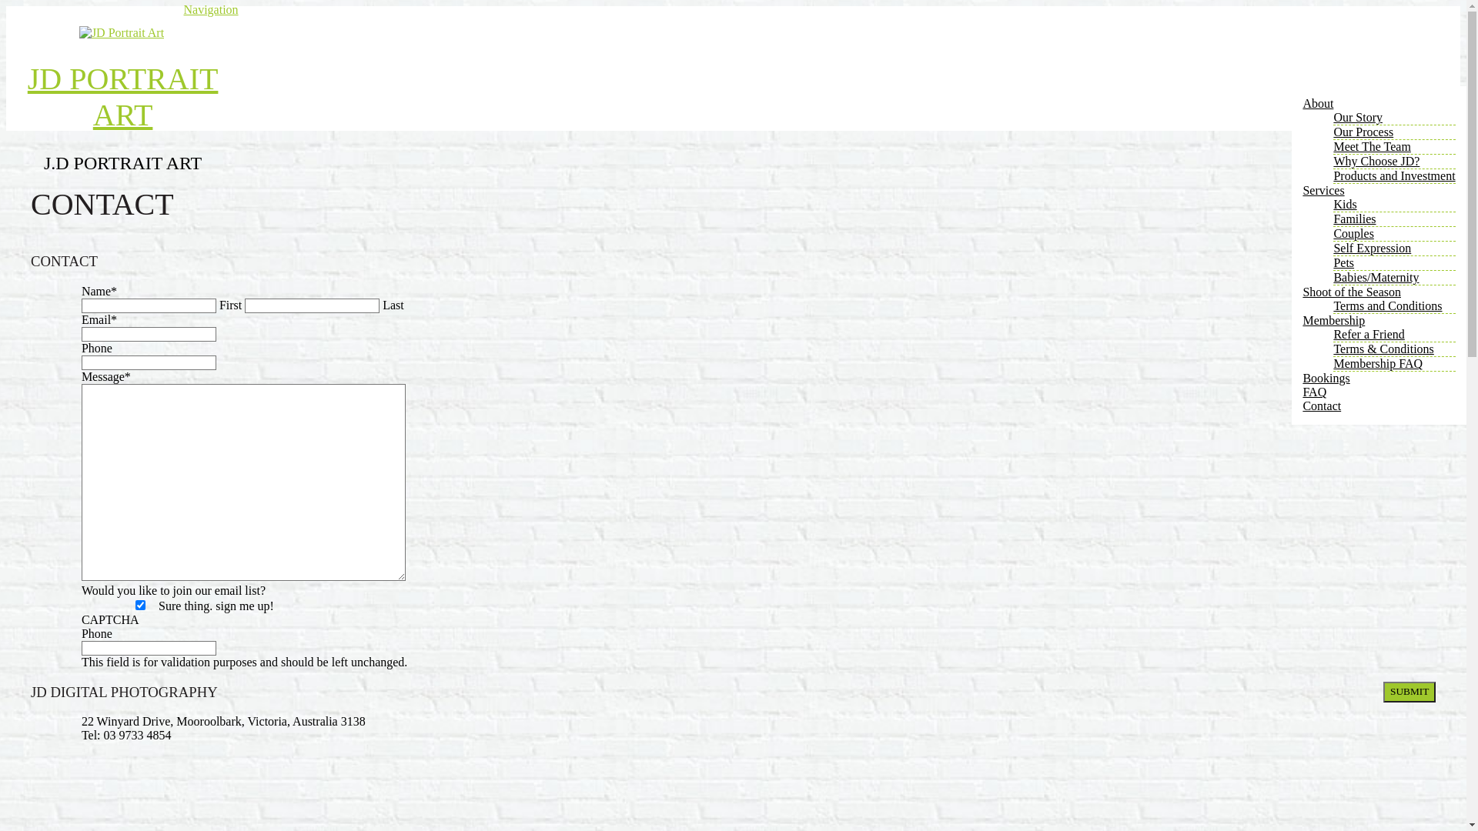  What do you see at coordinates (1301, 405) in the screenshot?
I see `'Contact'` at bounding box center [1301, 405].